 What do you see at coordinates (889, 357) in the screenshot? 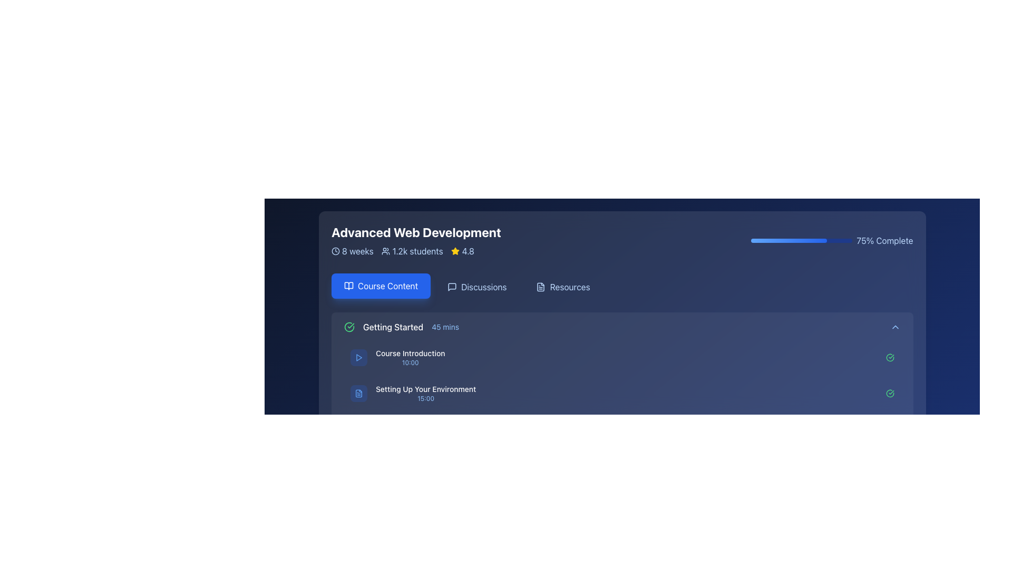
I see `the completion status icon located at the far right side of the 'Course Introduction 10:00' row, which visually confirms that the section has been marked as completed` at bounding box center [889, 357].